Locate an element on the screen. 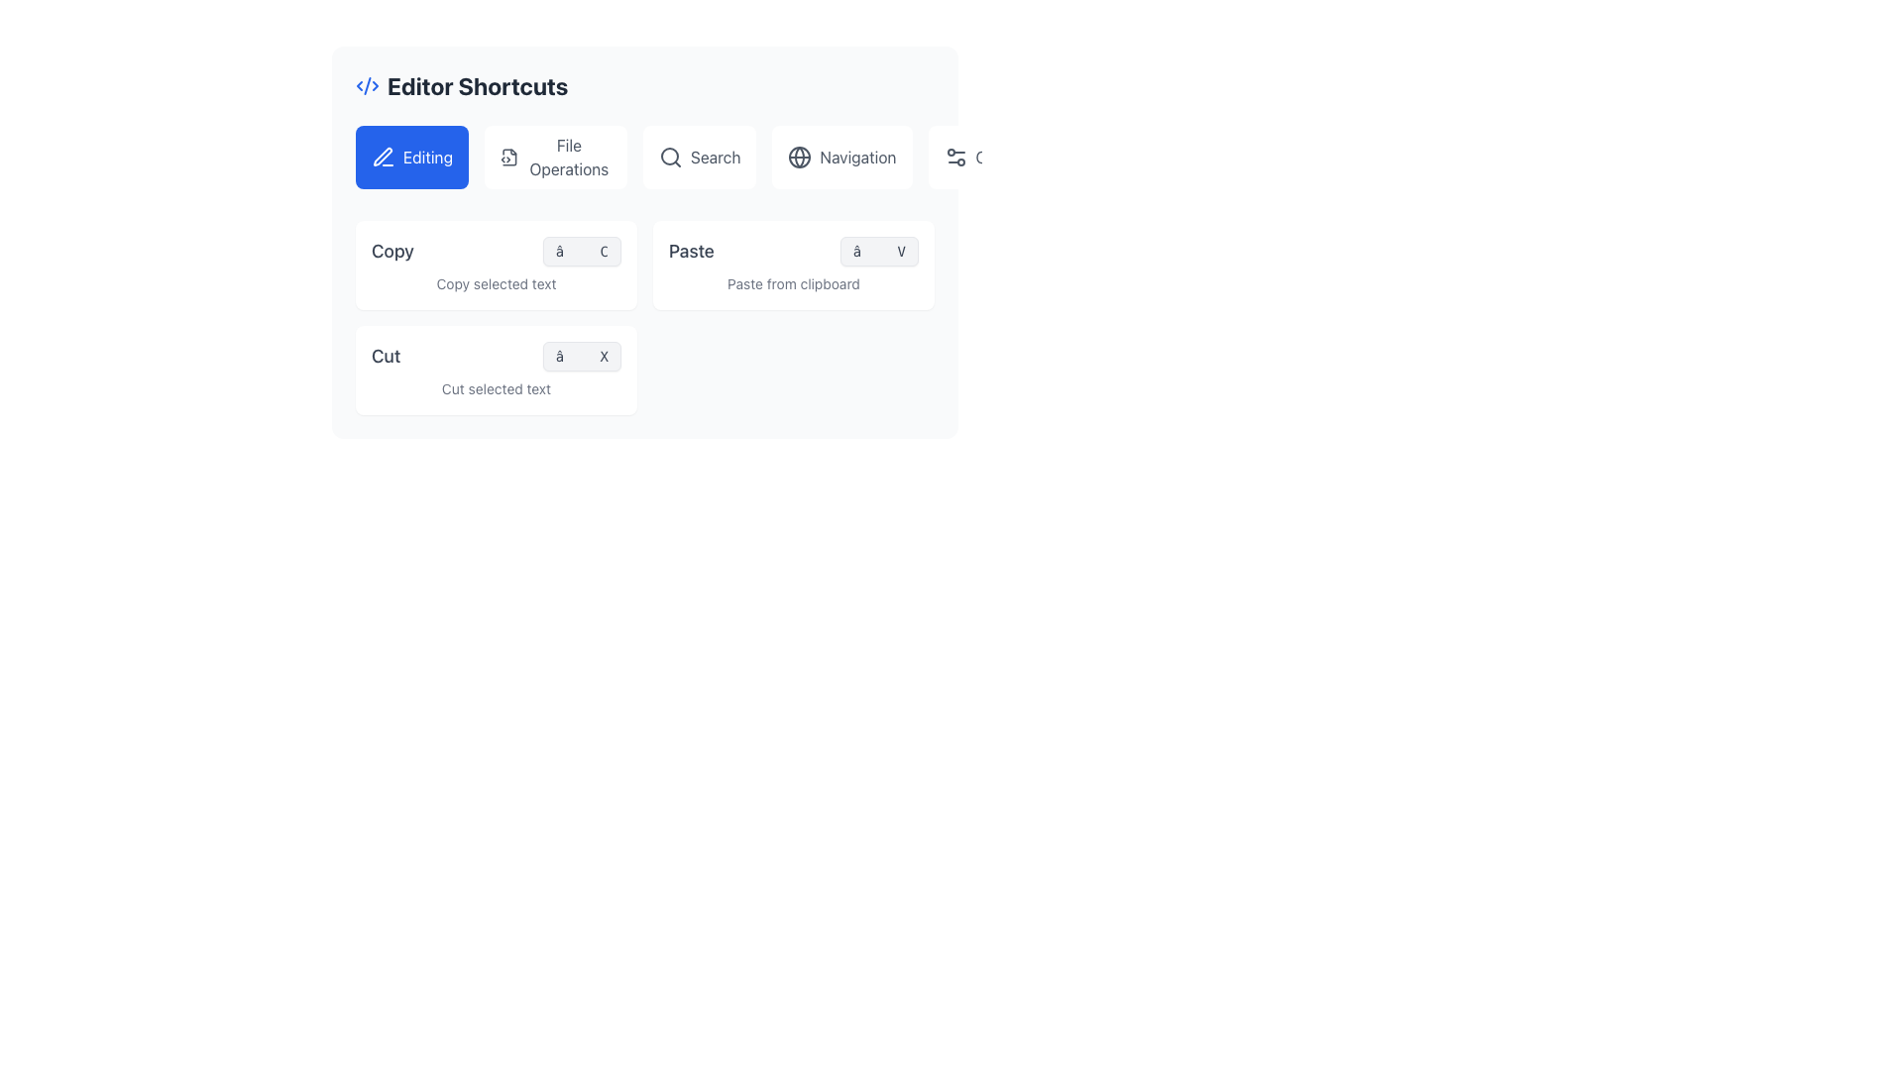 Image resolution: width=1903 pixels, height=1070 pixels. 'Paste' text label located in the second row of the editor shortcuts panel under the 'Editing' section is located at coordinates (691, 251).